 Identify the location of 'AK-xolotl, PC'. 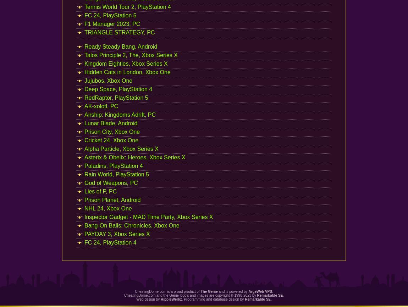
(101, 106).